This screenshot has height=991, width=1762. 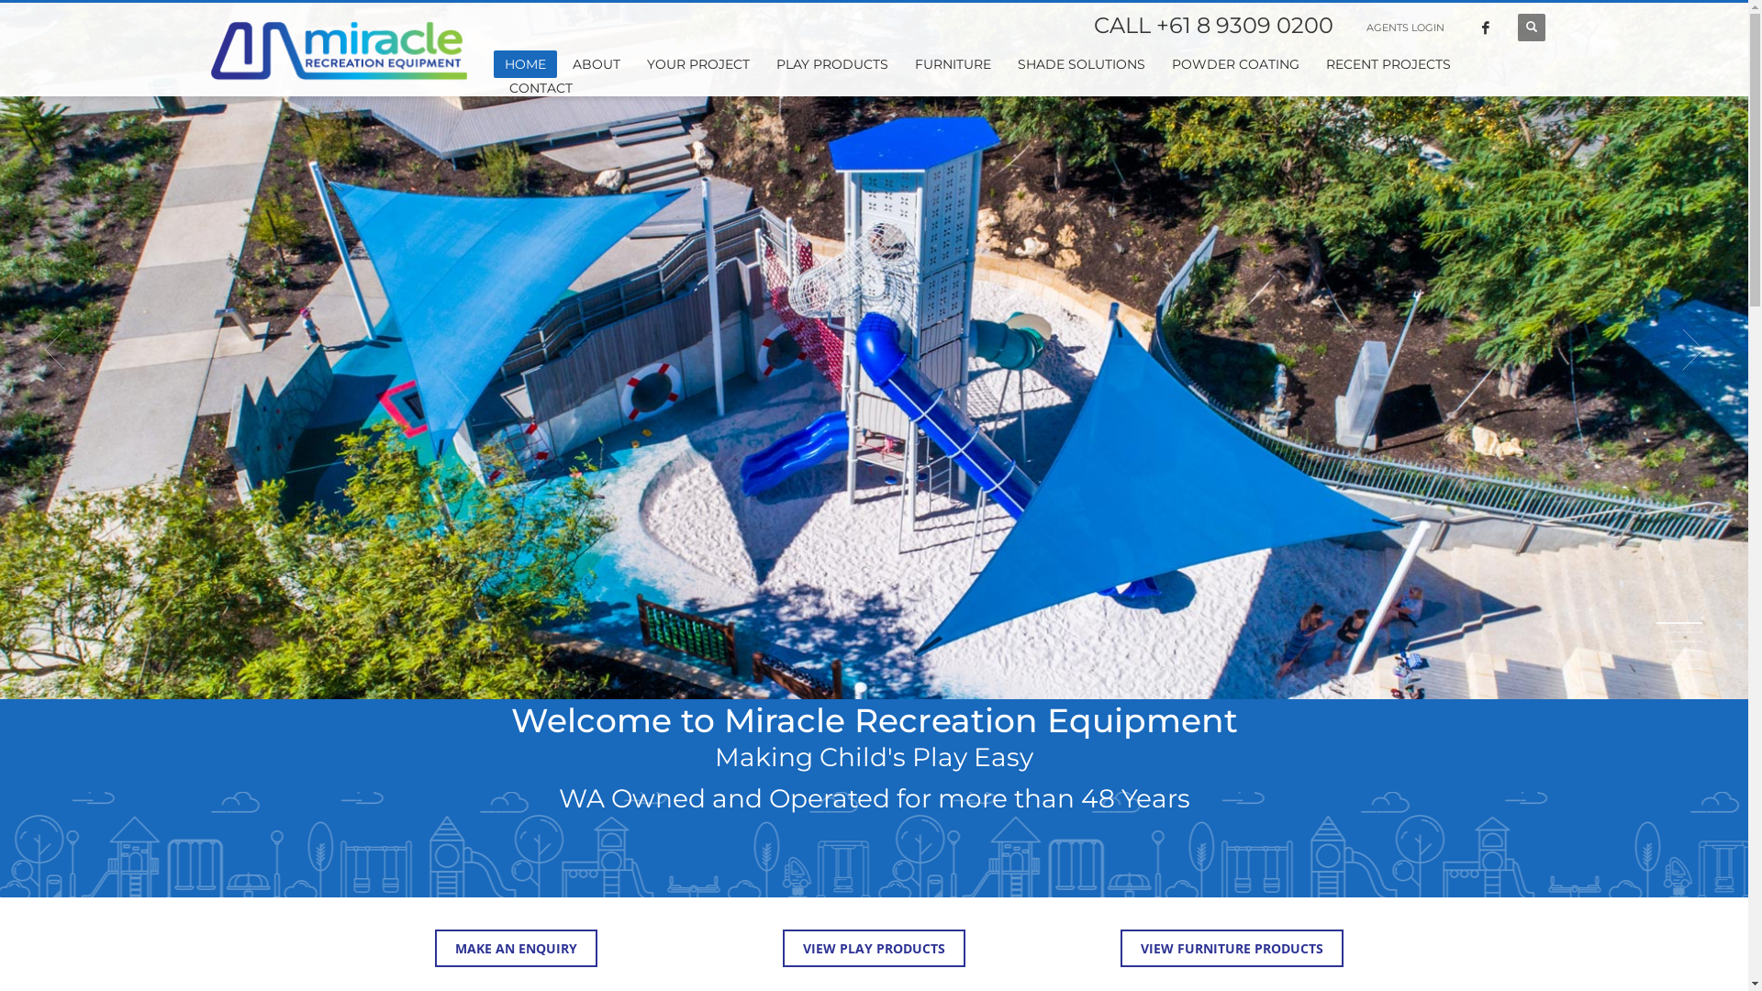 What do you see at coordinates (1232, 948) in the screenshot?
I see `'VIEW FURNITURE PRODUCTS'` at bounding box center [1232, 948].